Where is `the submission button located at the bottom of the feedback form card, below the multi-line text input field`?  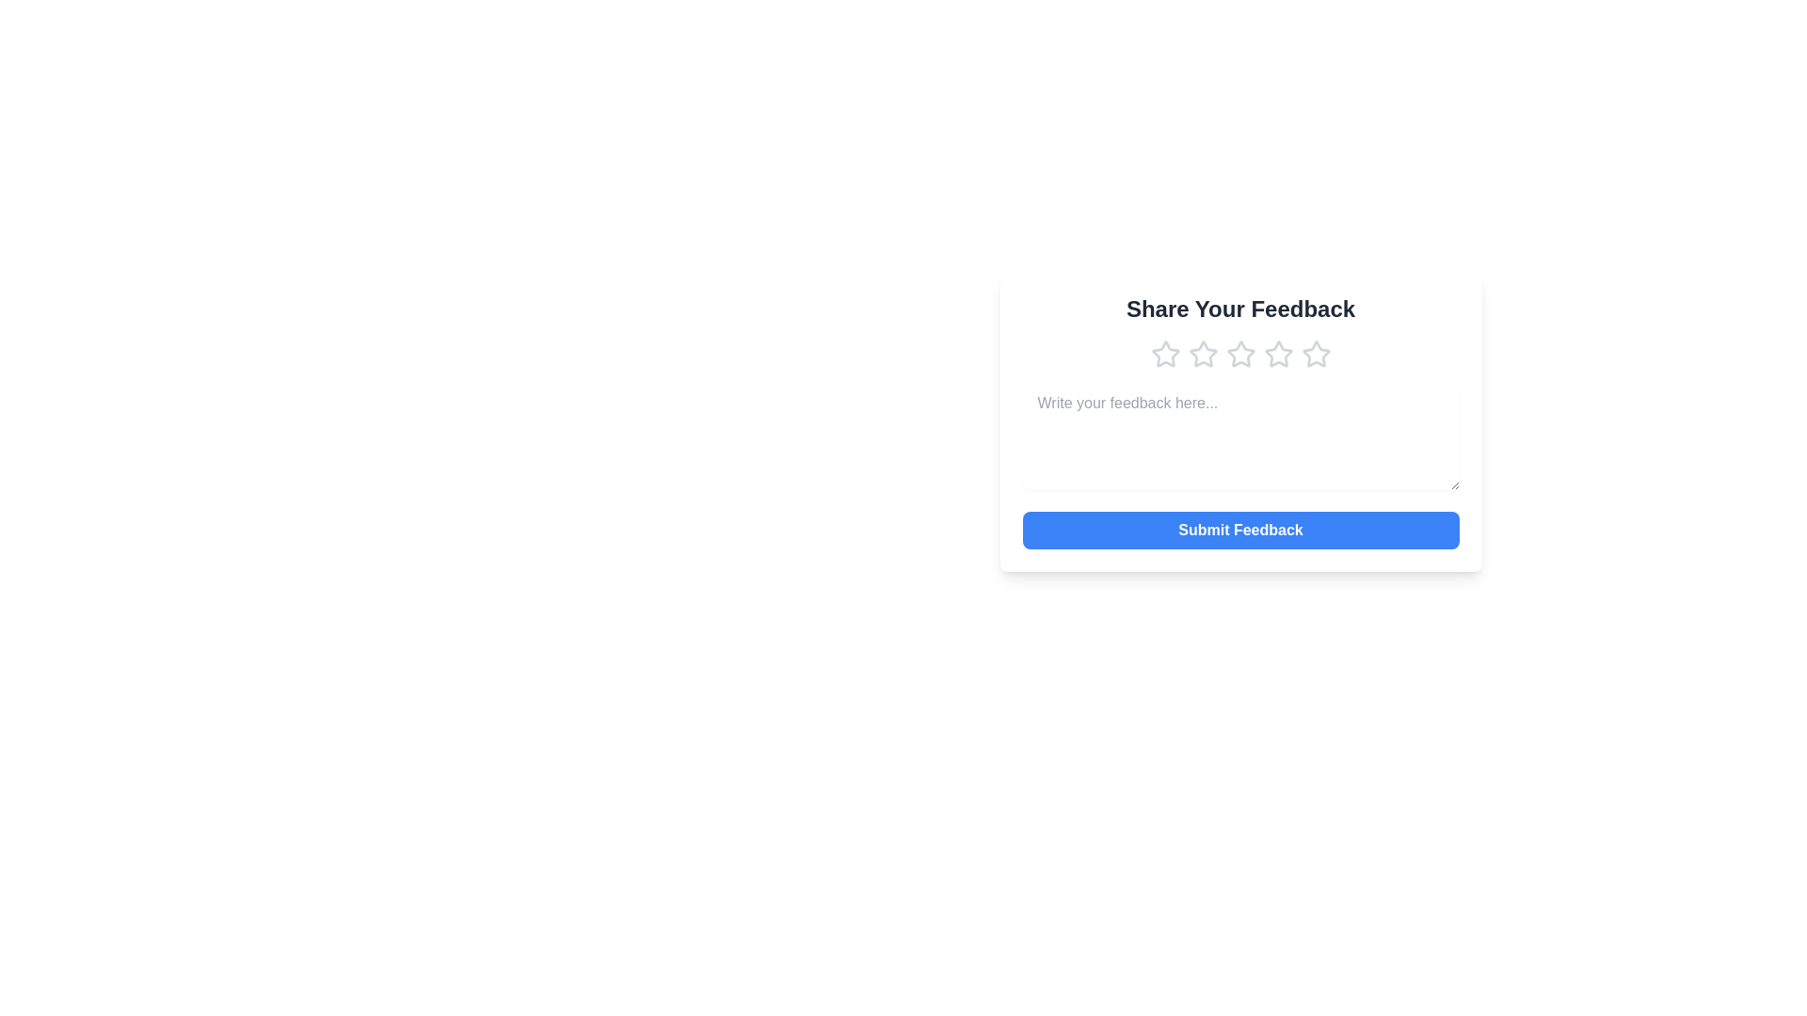
the submission button located at the bottom of the feedback form card, below the multi-line text input field is located at coordinates (1240, 530).